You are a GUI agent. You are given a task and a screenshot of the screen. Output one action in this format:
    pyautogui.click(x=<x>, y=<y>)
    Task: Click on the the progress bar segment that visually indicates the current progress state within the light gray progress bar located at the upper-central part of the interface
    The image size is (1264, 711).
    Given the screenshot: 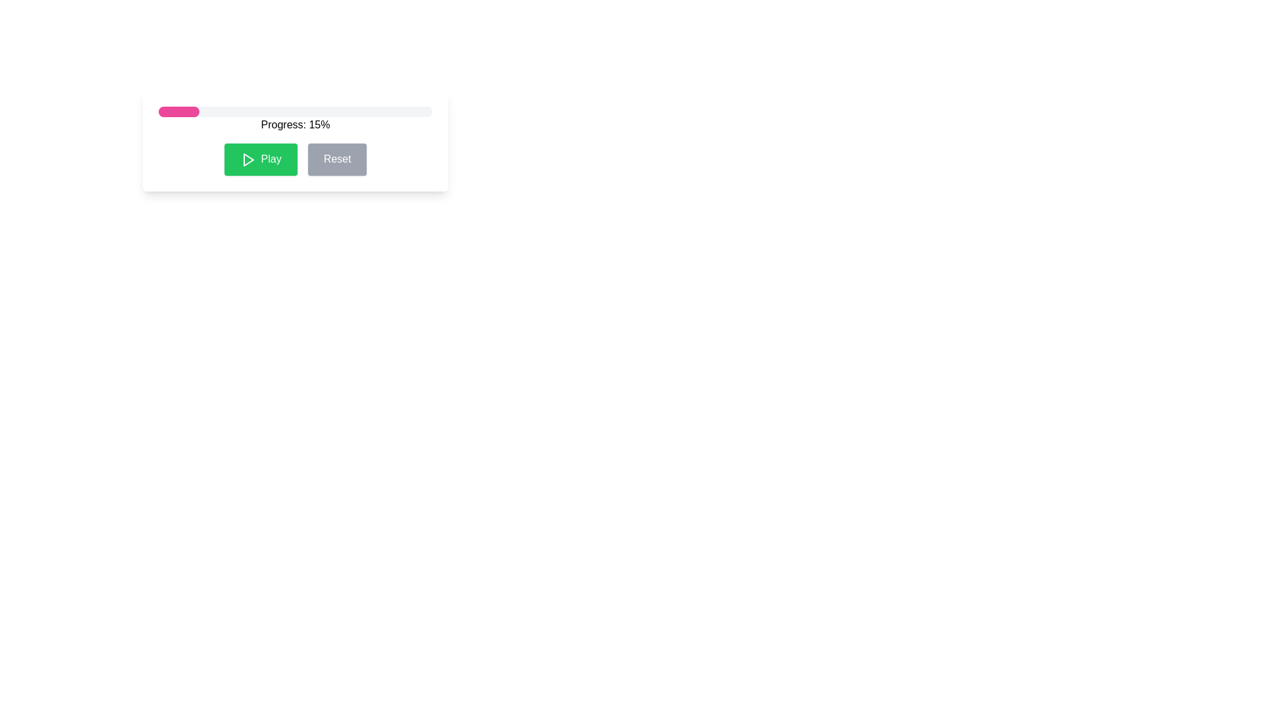 What is the action you would take?
    pyautogui.click(x=178, y=111)
    